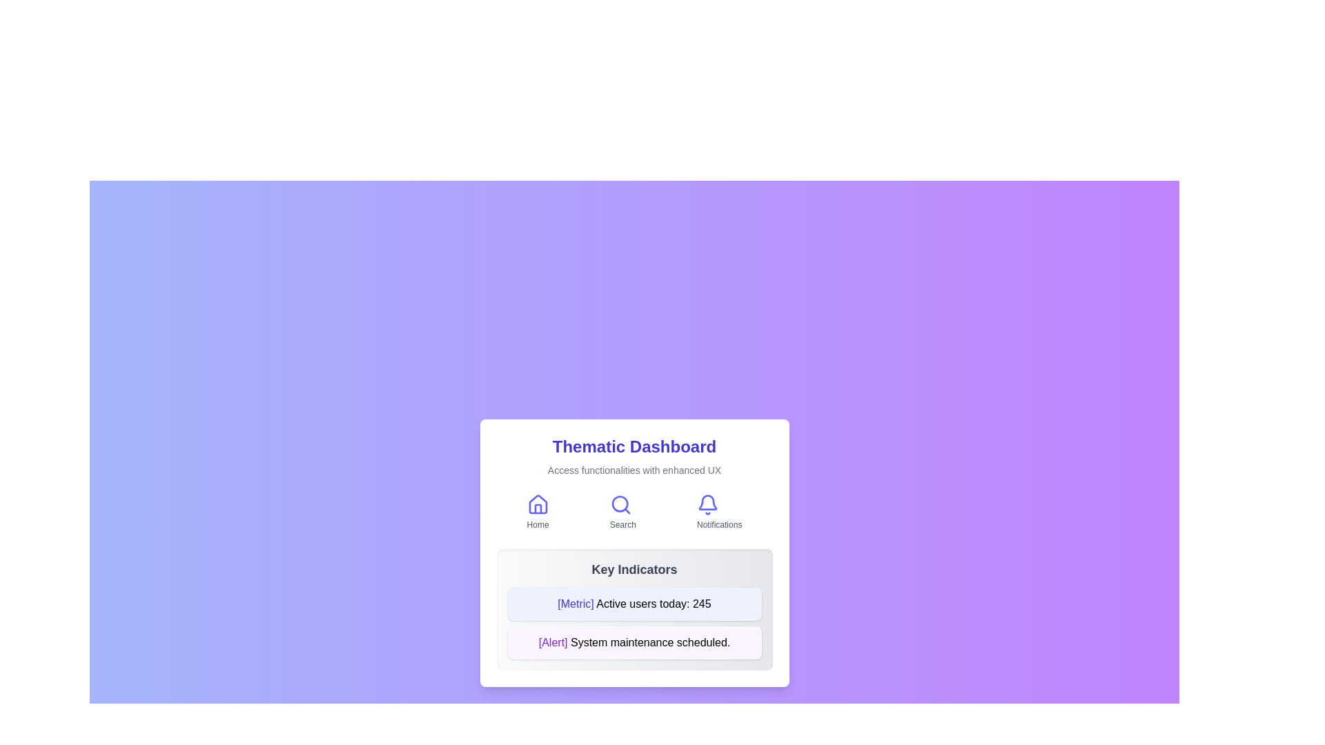  What do you see at coordinates (634, 643) in the screenshot?
I see `the Notification block with a light purple background that contains the text '[Alert] System maintenance scheduled.'` at bounding box center [634, 643].